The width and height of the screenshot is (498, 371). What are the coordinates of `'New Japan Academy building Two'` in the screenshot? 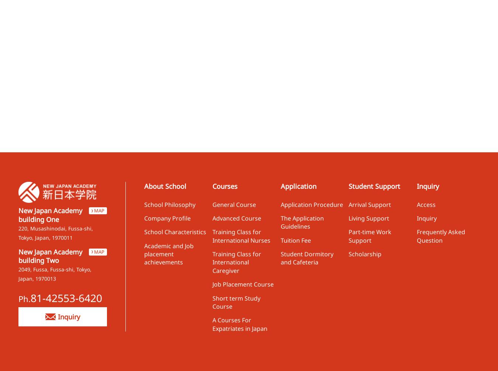 It's located at (18, 256).